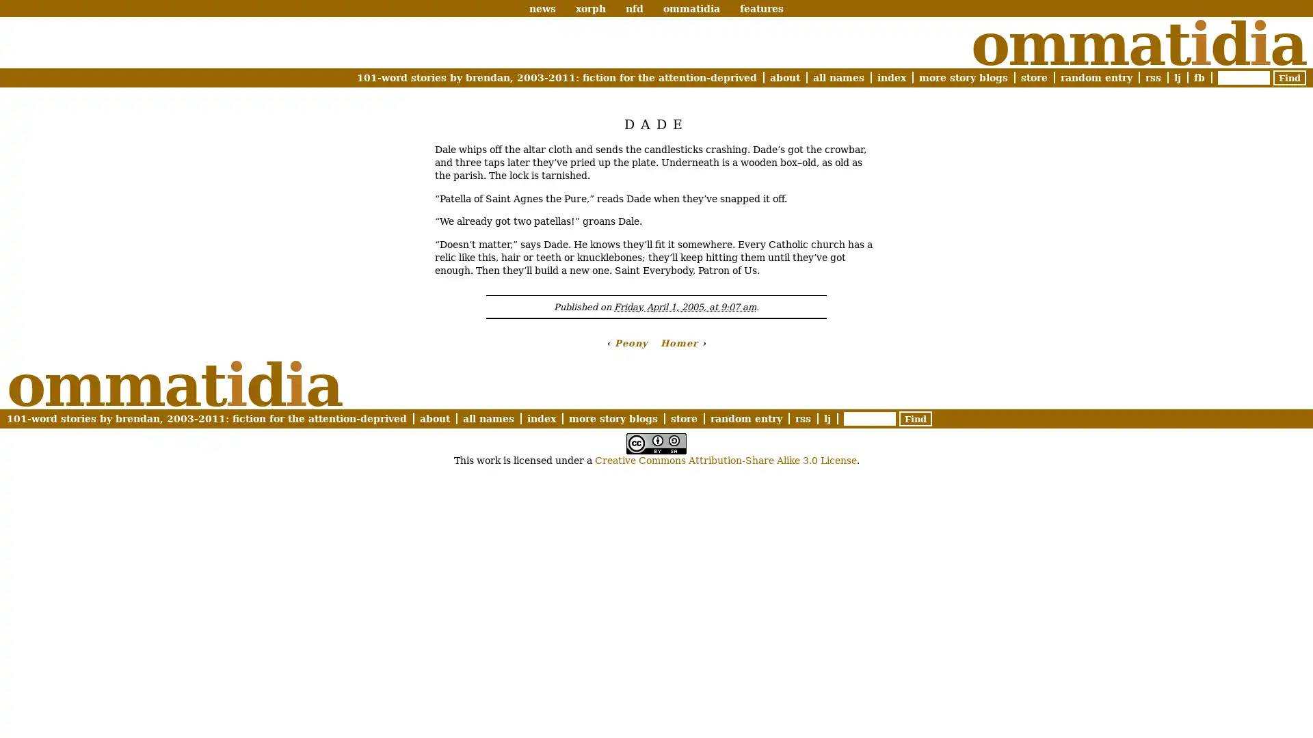 Image resolution: width=1313 pixels, height=738 pixels. Describe the element at coordinates (1289, 78) in the screenshot. I see `Find` at that location.